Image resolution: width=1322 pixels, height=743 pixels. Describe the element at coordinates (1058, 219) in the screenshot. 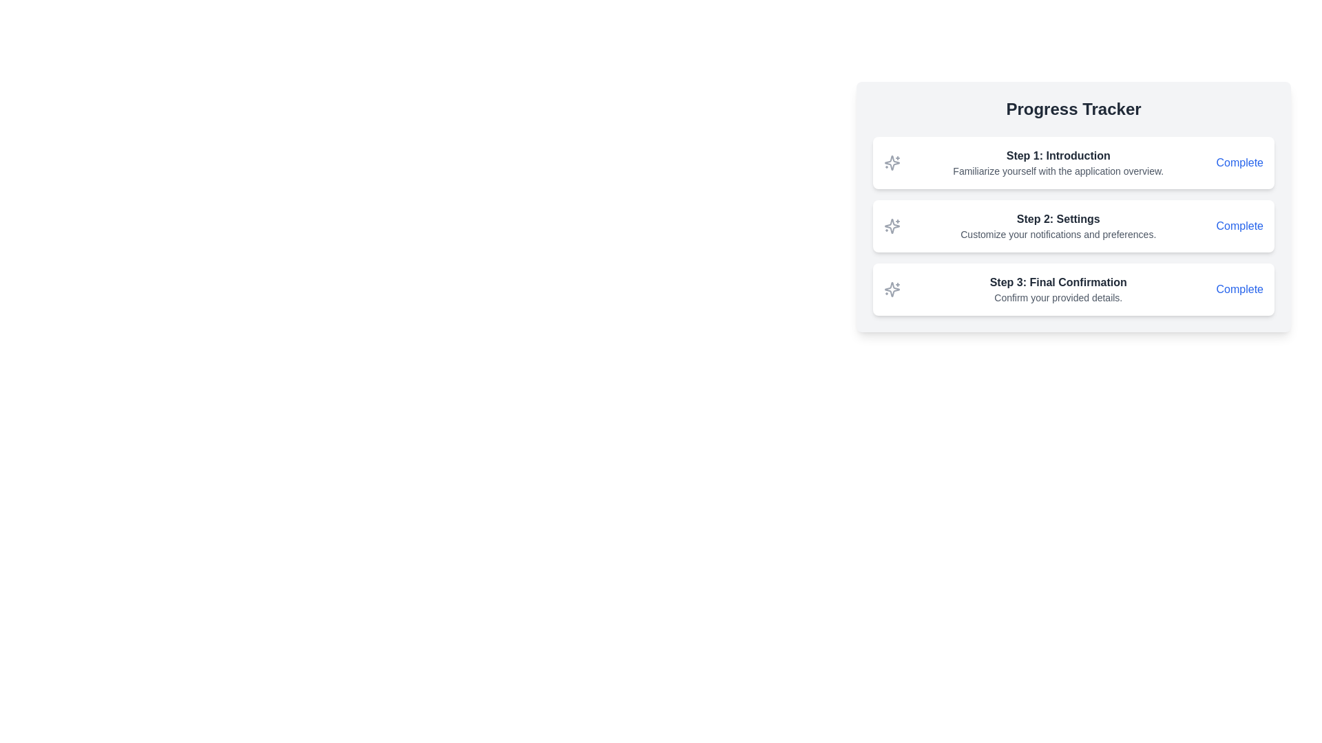

I see `the bold, dark-colored text label reading 'Step 2: Settings' in the progress tracker interface, which is positioned prominently between 'Step 1: Introduction' and 'Step 3: Final Confirmation'` at that location.